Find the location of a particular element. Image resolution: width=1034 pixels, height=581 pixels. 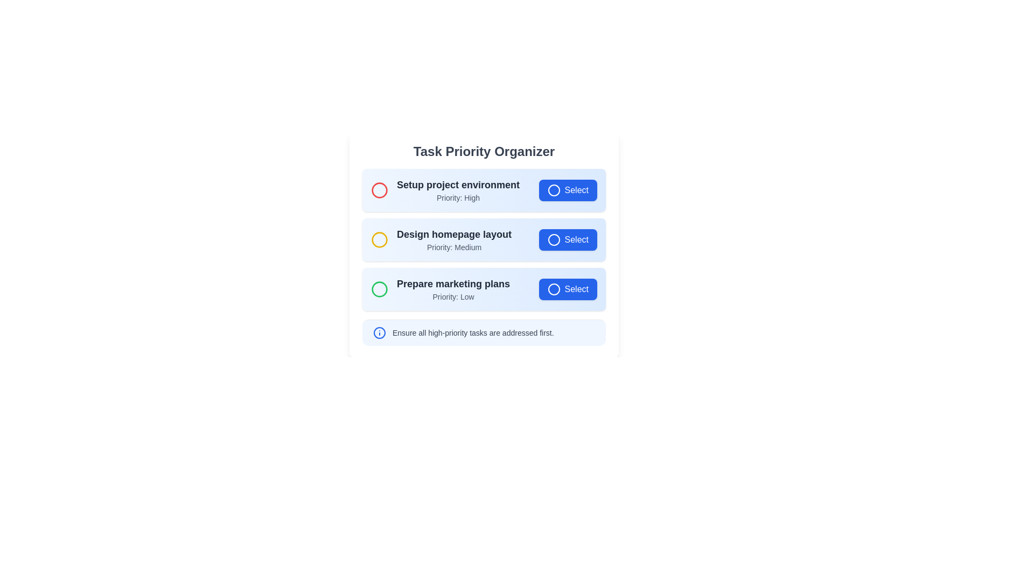

the text label that reads 'Priority: Low', which is located beneath the main text 'Prepare marketing plans' in the task priority management interface is located at coordinates (453, 296).